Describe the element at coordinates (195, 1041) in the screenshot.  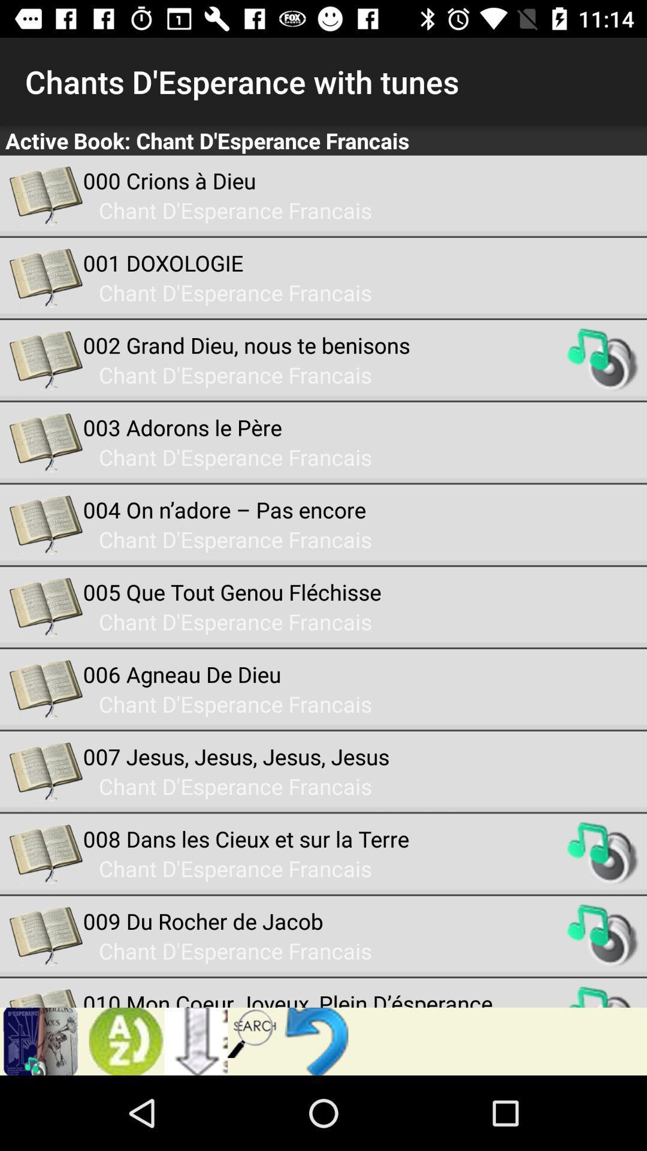
I see `the arrow_downward icon` at that location.